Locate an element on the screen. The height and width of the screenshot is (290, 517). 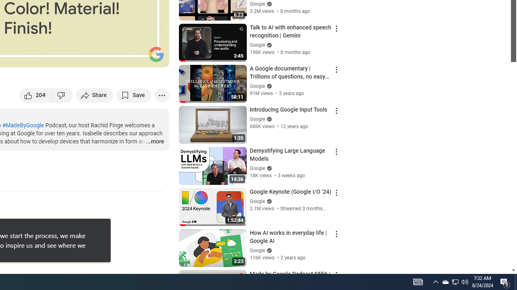
'Dislike this video' is located at coordinates (62, 95).